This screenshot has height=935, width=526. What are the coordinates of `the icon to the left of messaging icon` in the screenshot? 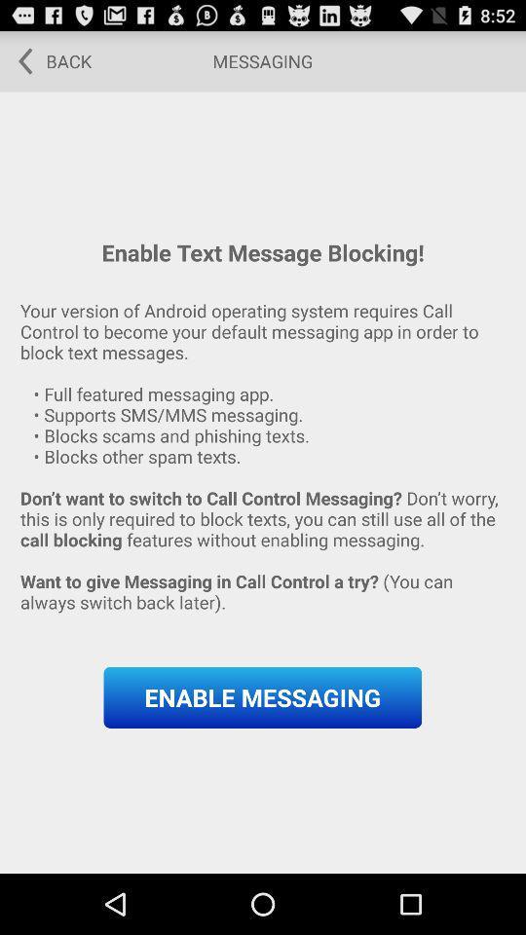 It's located at (48, 60).